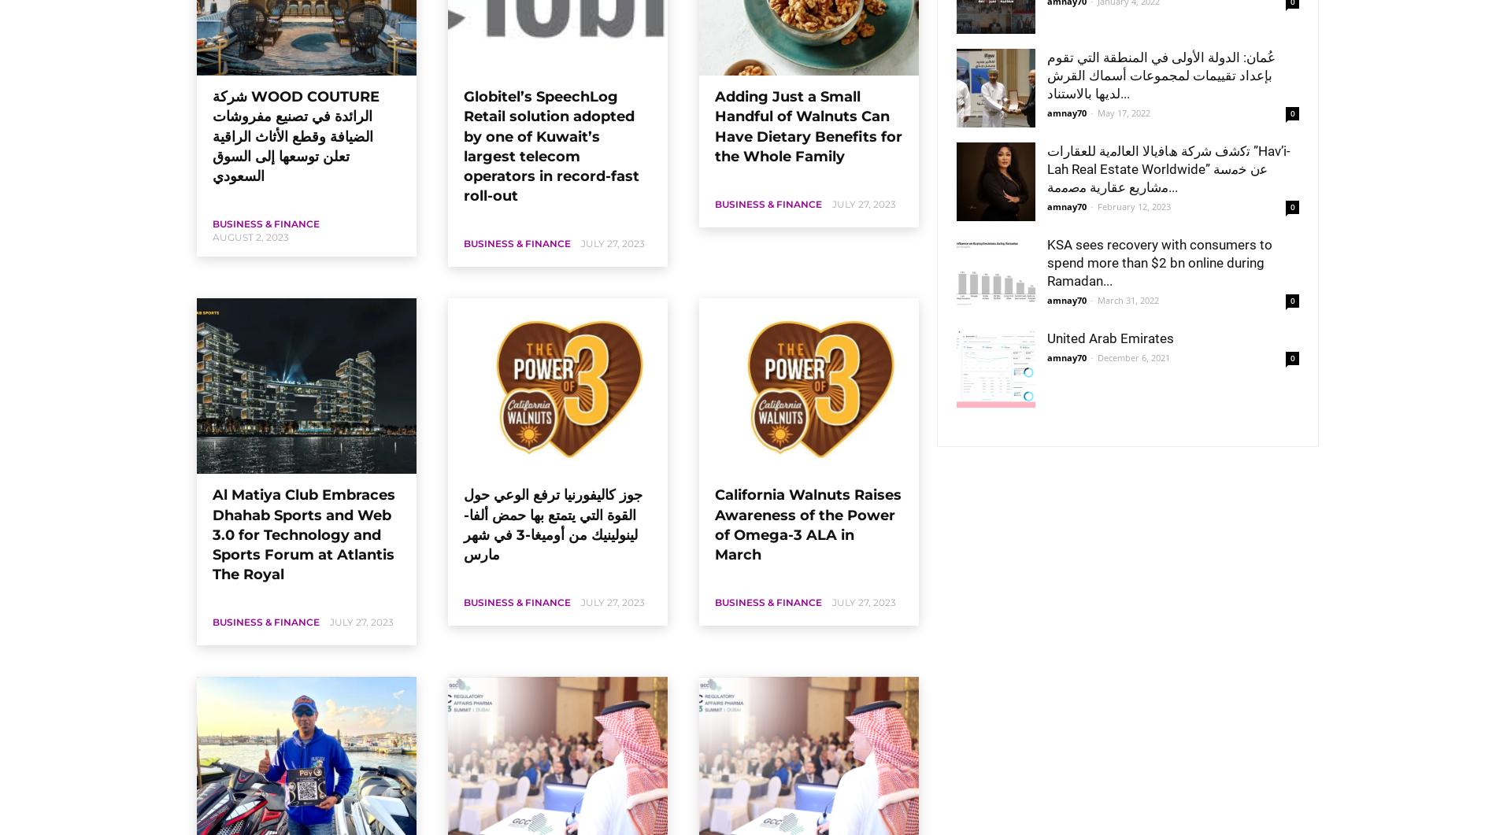 The width and height of the screenshot is (1496, 835). Describe the element at coordinates (1134, 357) in the screenshot. I see `'December 6, 2021'` at that location.